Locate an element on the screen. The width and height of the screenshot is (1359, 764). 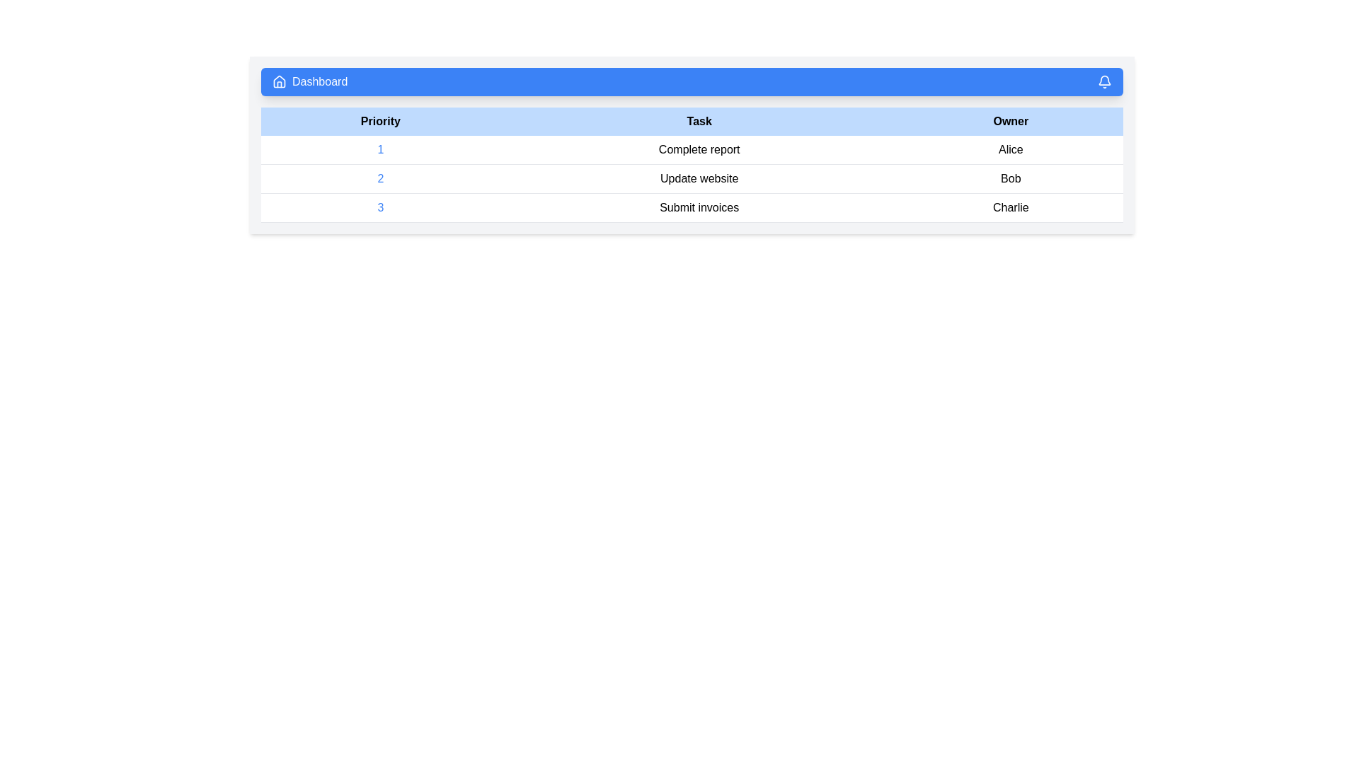
the text label displaying 'Owner', which is the third header label in the top-right region of the table header is located at coordinates (1010, 121).